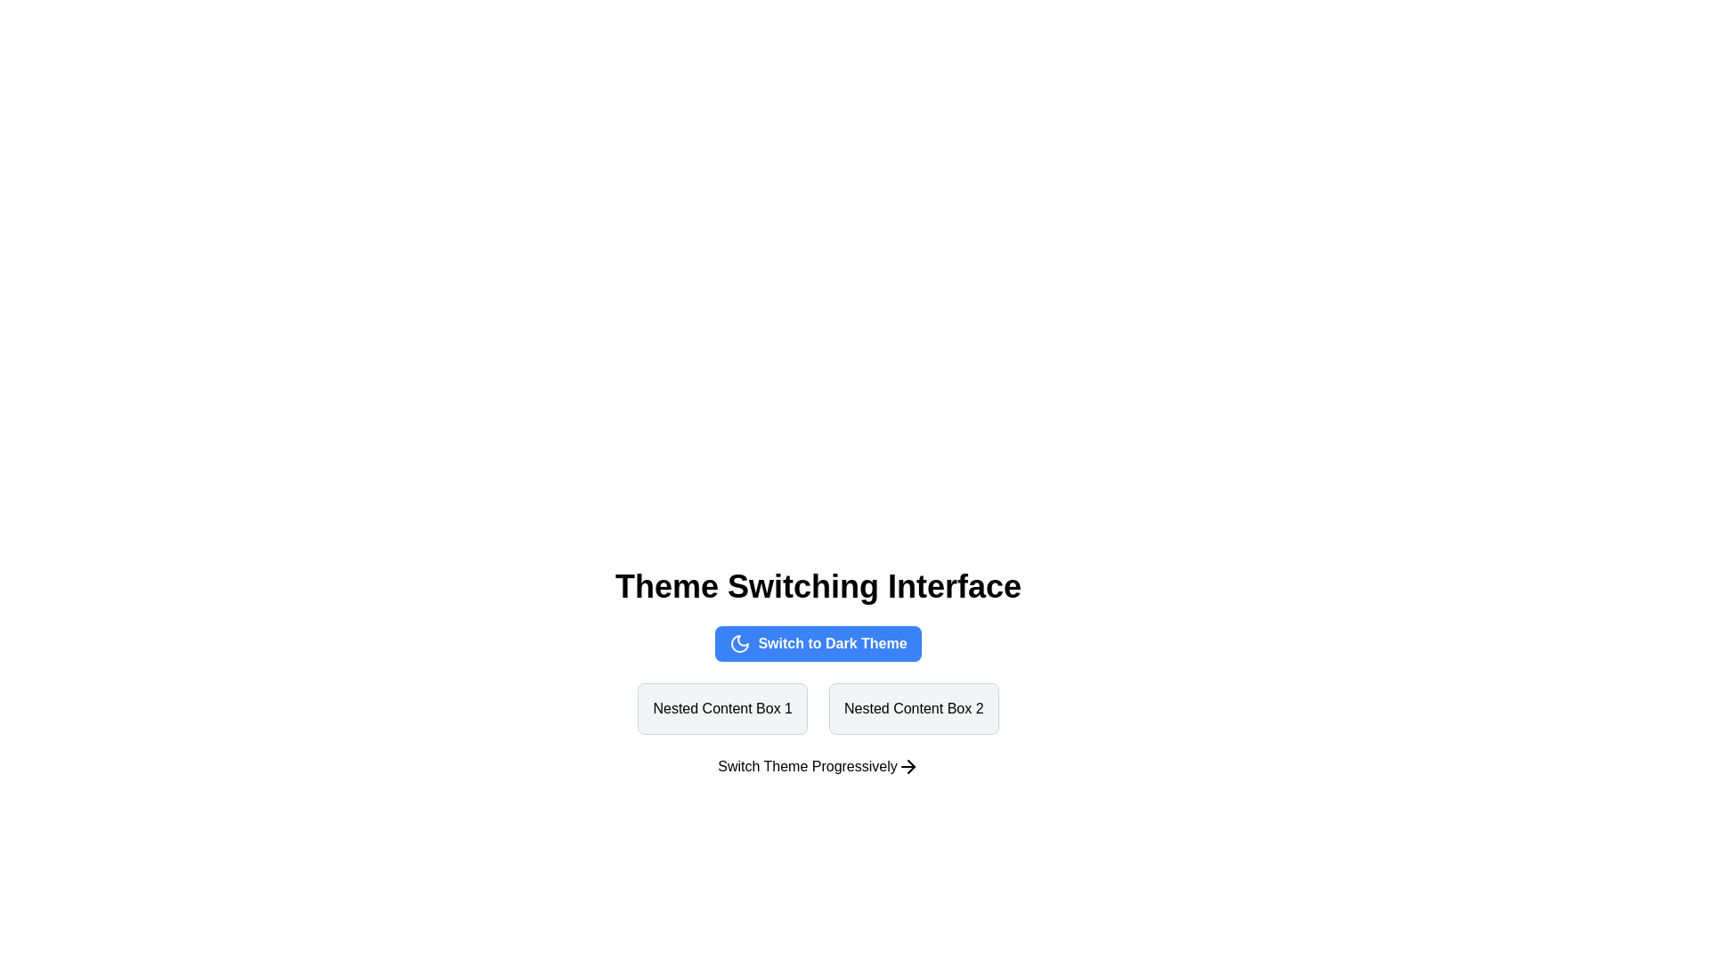 The height and width of the screenshot is (962, 1710). Describe the element at coordinates (740, 643) in the screenshot. I see `the small moon icon located within the blue button labeled 'Switch to Dark Theme', positioned to the left of the text` at that location.